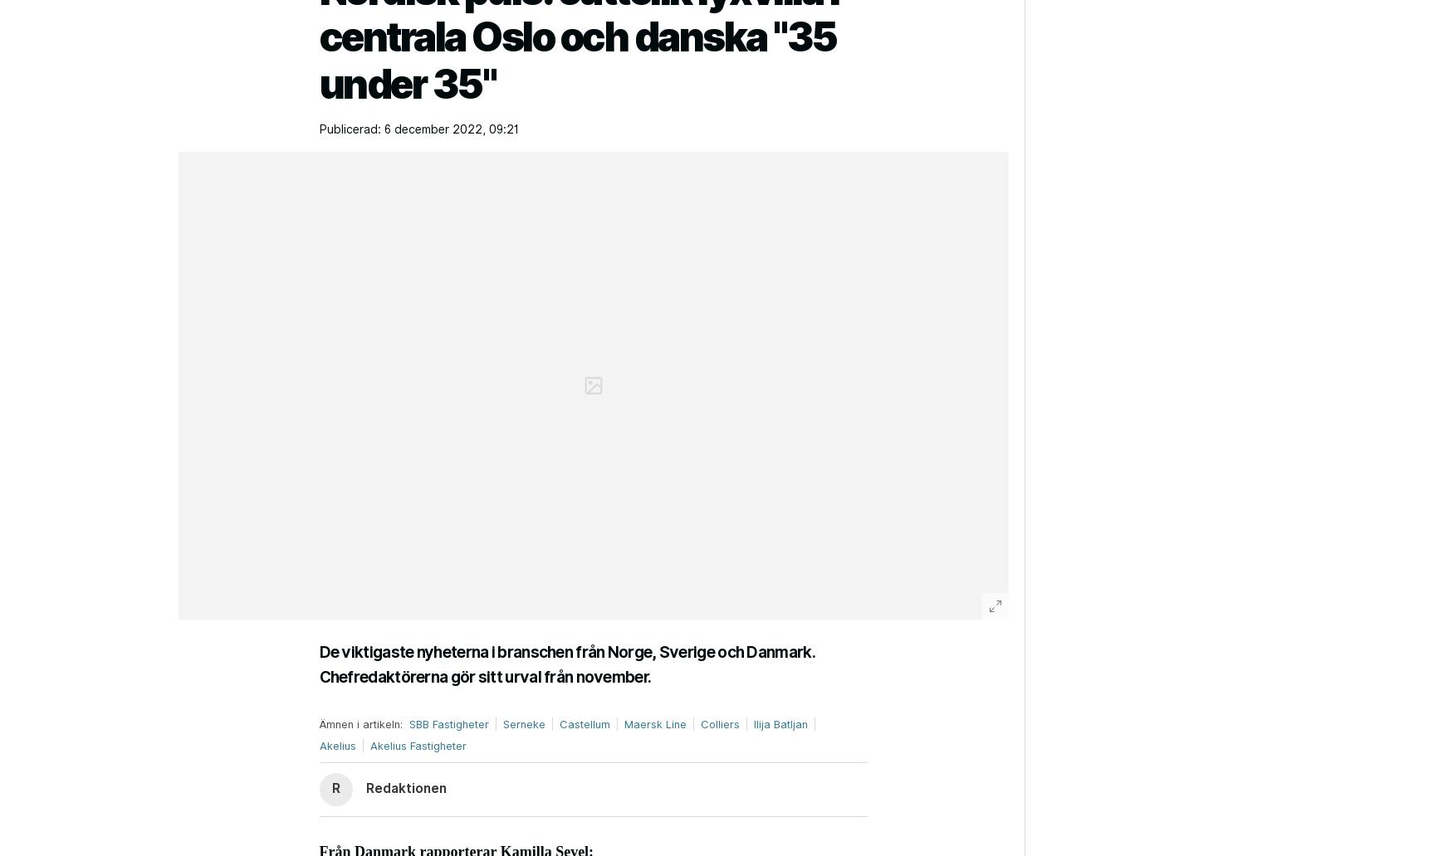  Describe the element at coordinates (450, 128) in the screenshot. I see `'6 december 2022, 09:21'` at that location.